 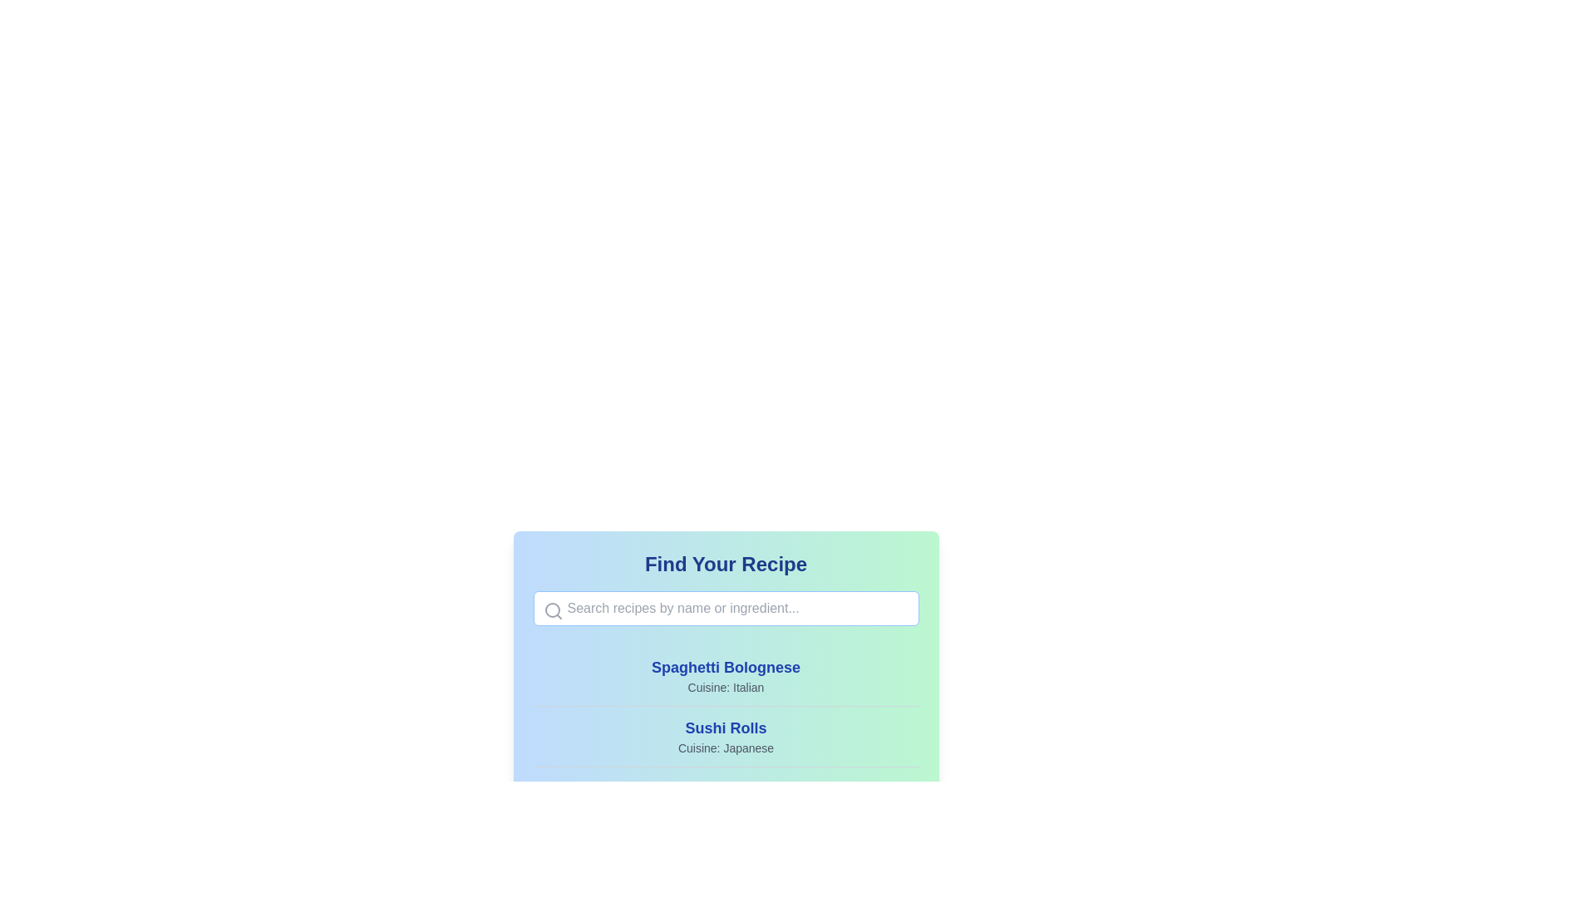 I want to click on the Search Icon located to the left of the text input field labeled 'Search recipes by name or ingredient...' under the 'Find Your Recipe' heading, so click(x=553, y=611).